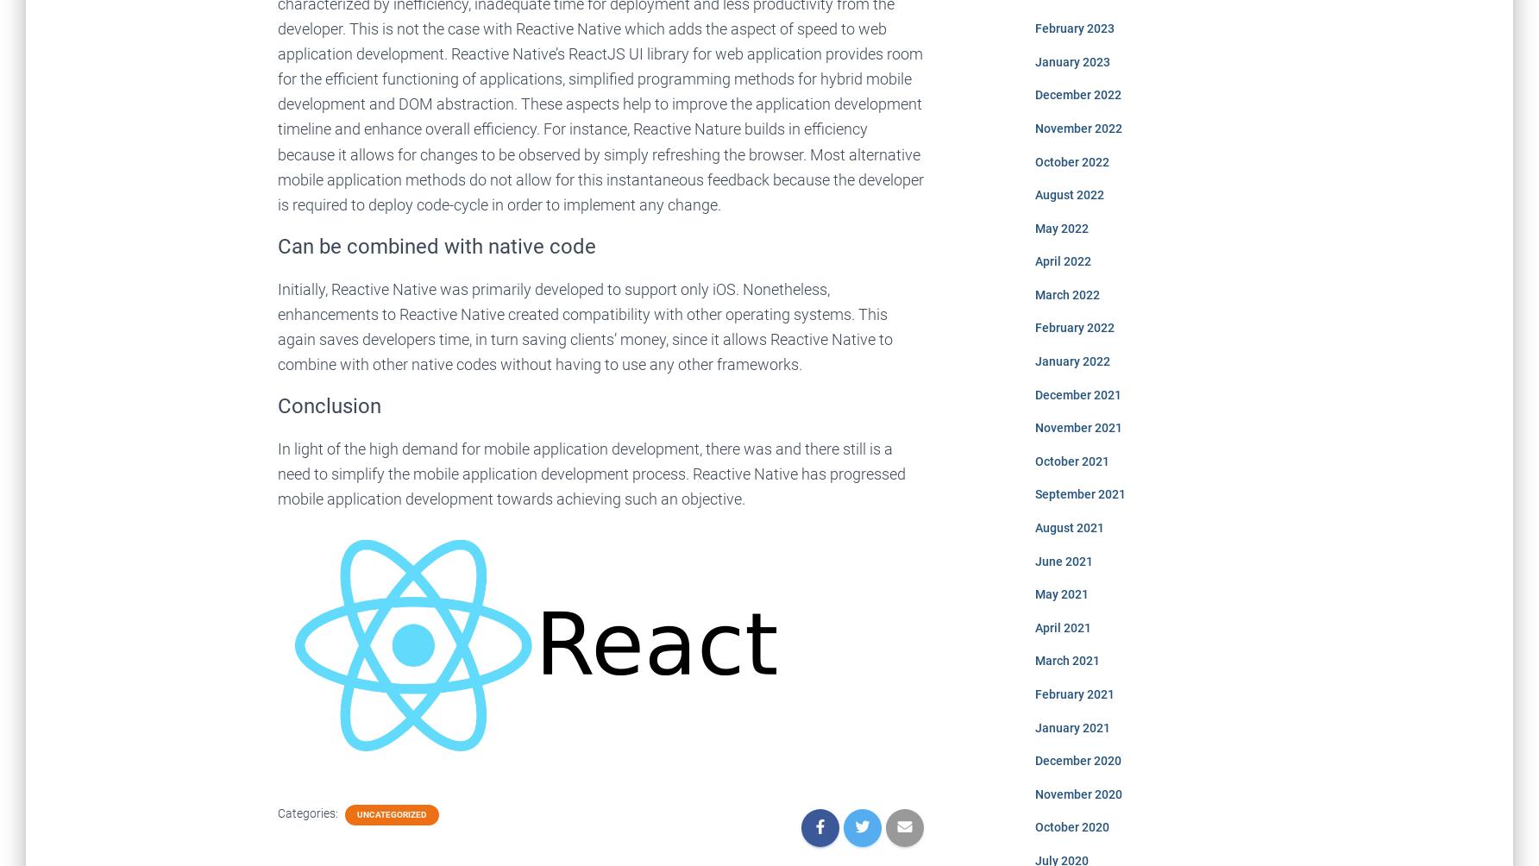 Image resolution: width=1539 pixels, height=866 pixels. I want to click on 'Uncategorized', so click(356, 813).